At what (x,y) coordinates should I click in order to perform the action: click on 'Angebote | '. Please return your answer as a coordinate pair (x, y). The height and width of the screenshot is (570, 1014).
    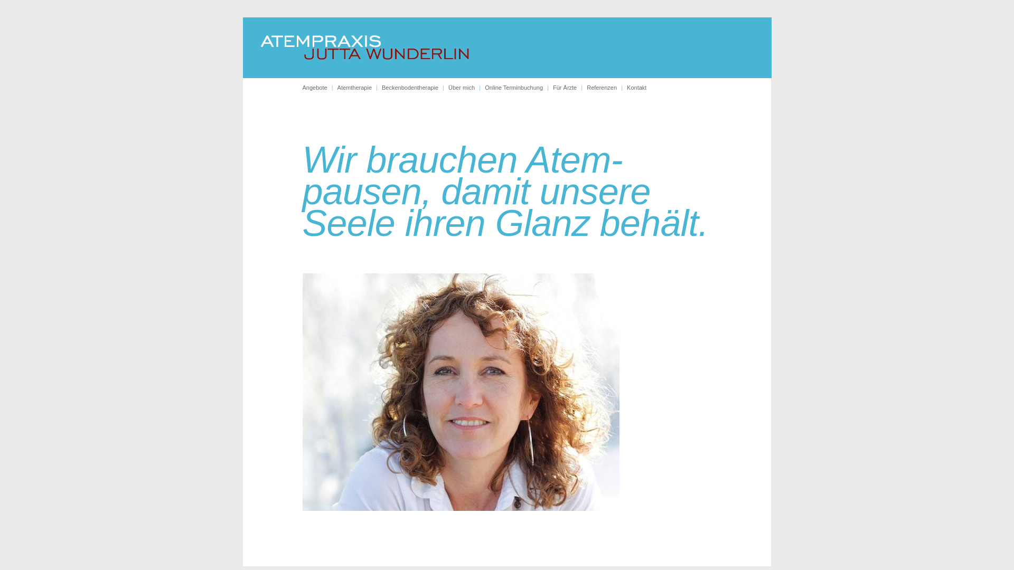
    Looking at the image, I should click on (318, 87).